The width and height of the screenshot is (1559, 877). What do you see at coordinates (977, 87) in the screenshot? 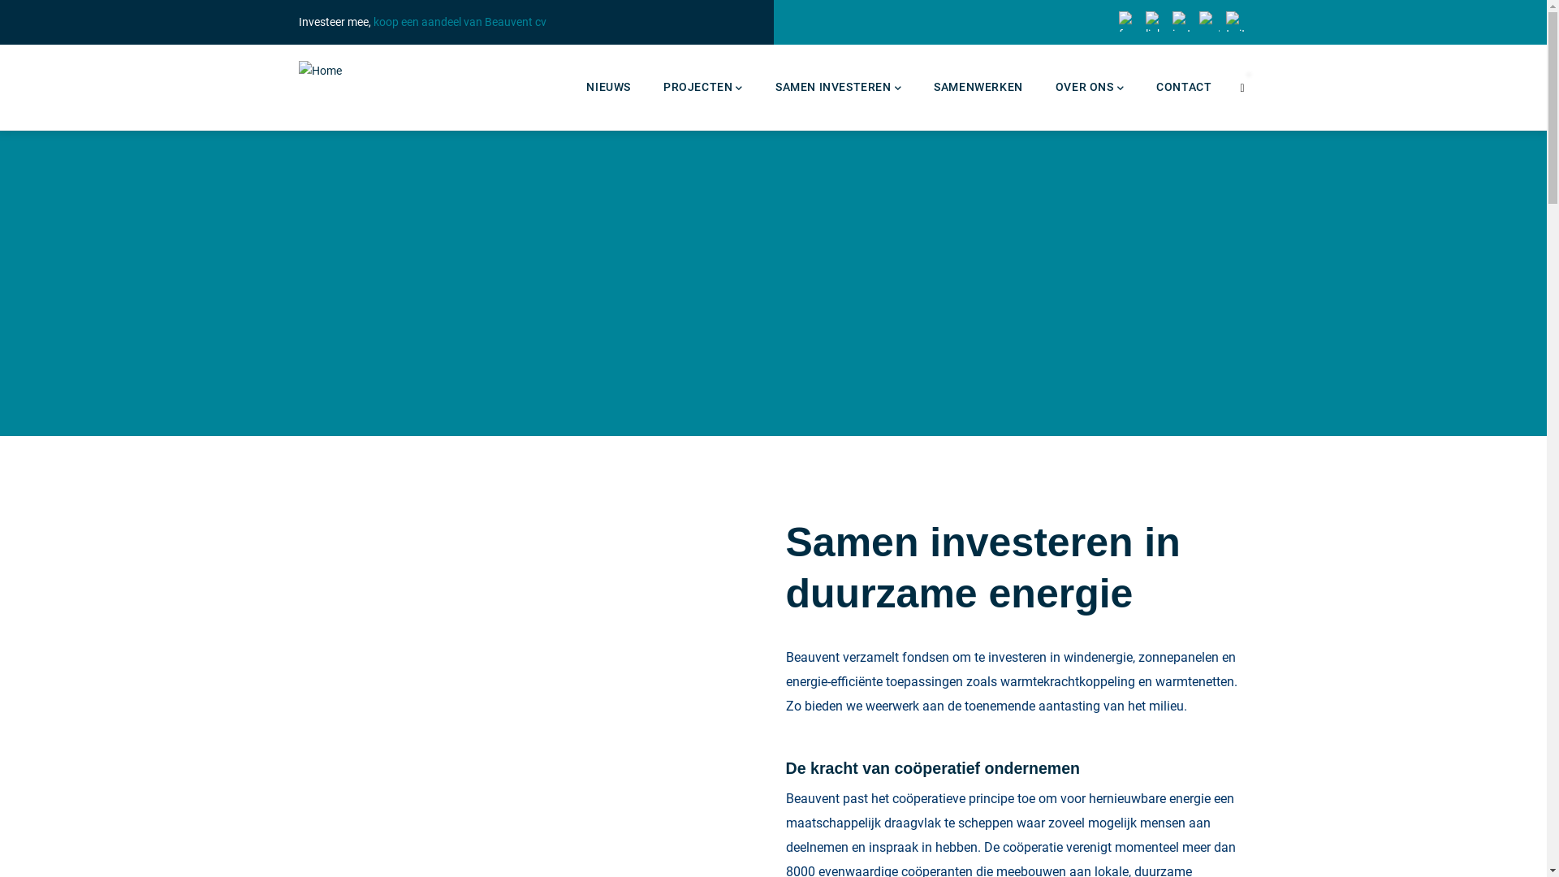
I see `'SAMENWERKEN'` at bounding box center [977, 87].